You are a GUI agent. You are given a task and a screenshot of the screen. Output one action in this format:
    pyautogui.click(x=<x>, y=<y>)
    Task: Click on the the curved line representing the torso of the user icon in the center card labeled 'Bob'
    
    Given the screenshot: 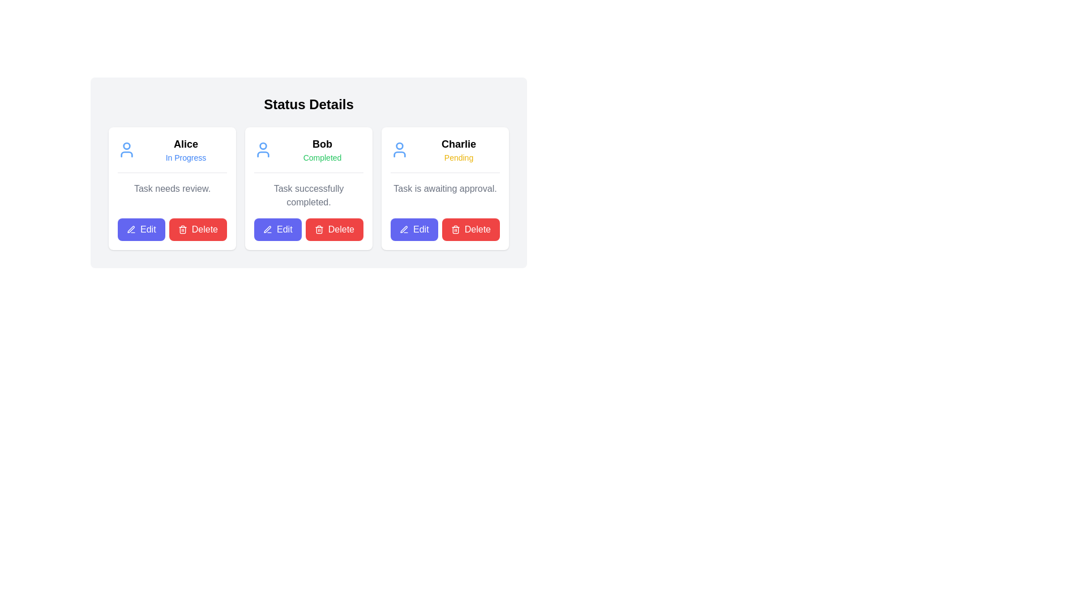 What is the action you would take?
    pyautogui.click(x=263, y=154)
    